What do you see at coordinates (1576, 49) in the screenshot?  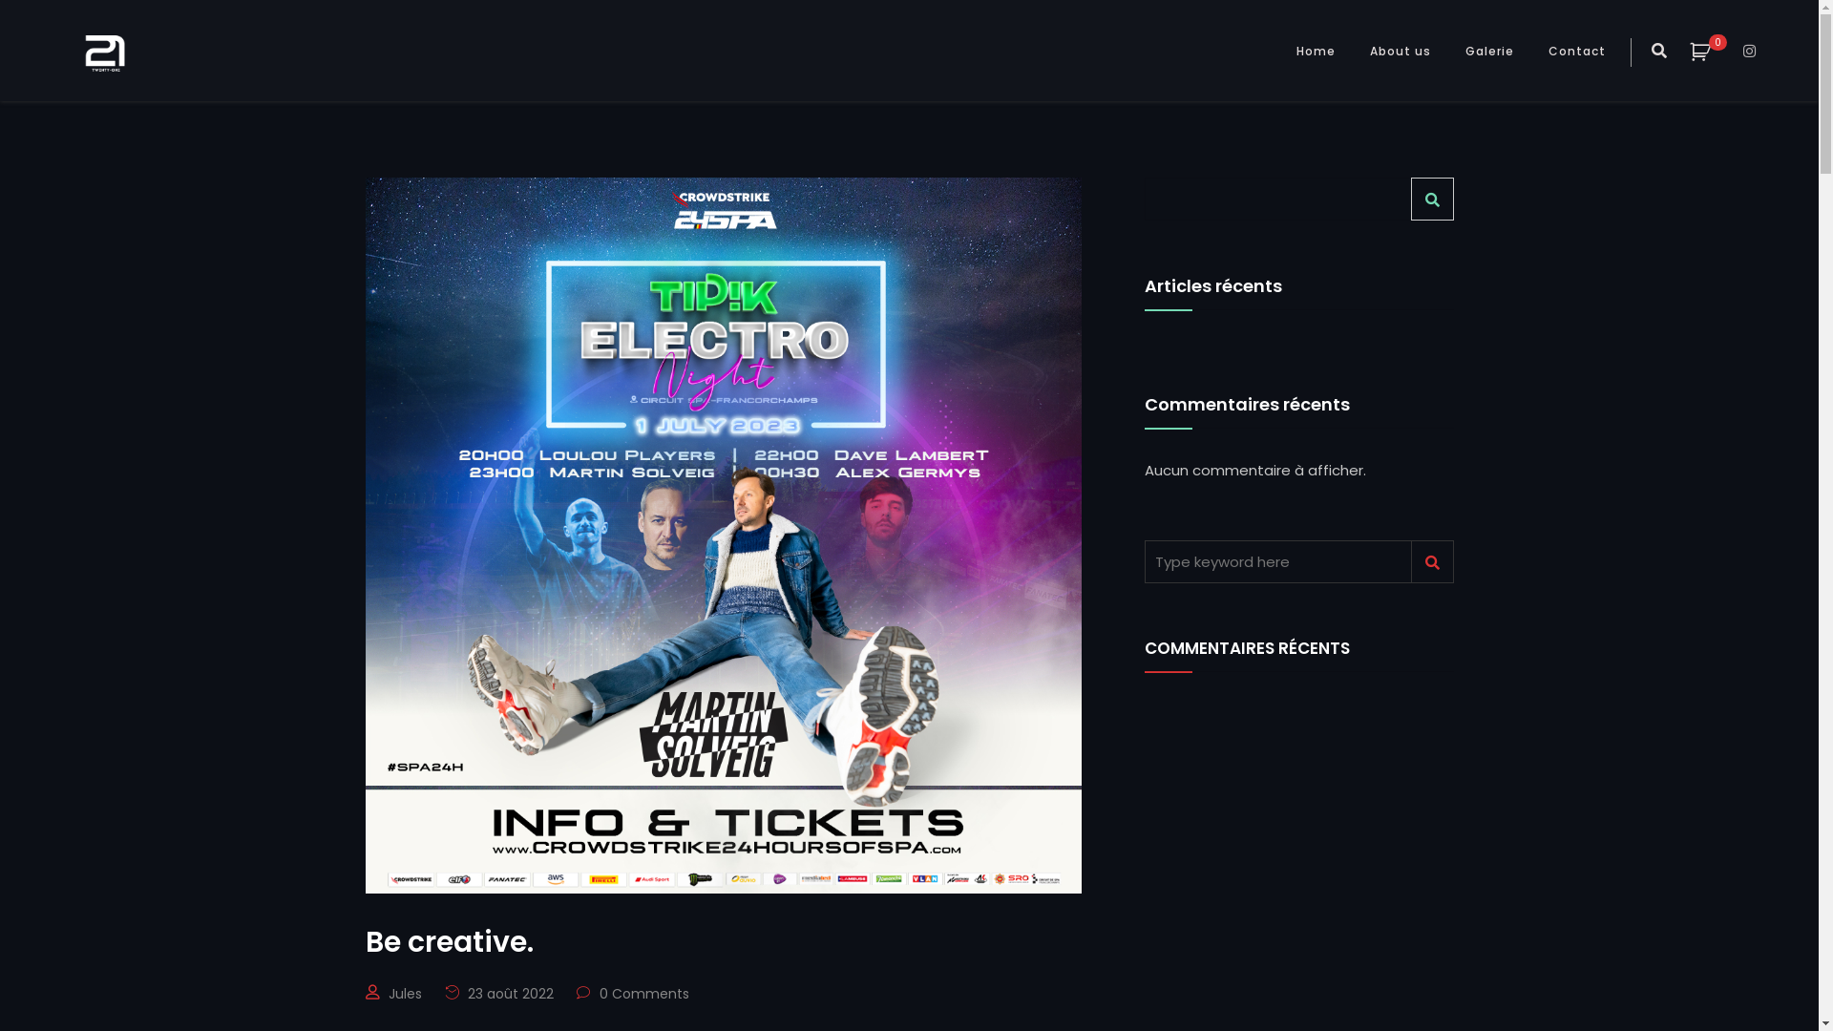 I see `'Contact'` at bounding box center [1576, 49].